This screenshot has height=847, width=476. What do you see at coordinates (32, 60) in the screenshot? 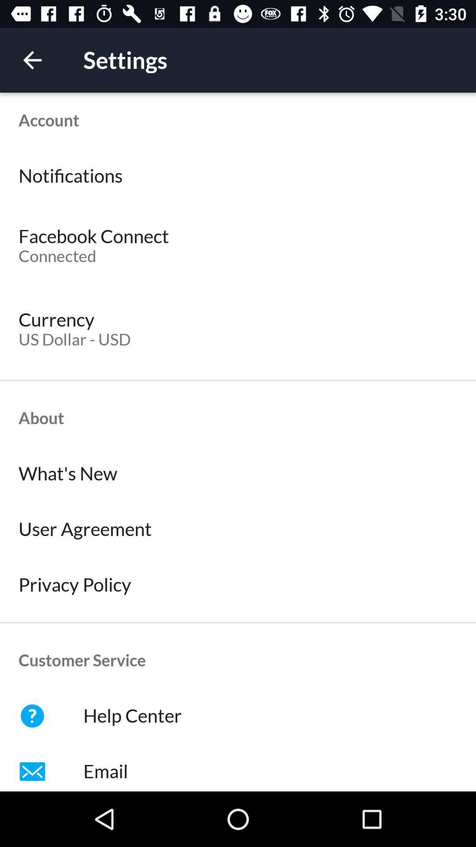
I see `icon next to the settings item` at bounding box center [32, 60].